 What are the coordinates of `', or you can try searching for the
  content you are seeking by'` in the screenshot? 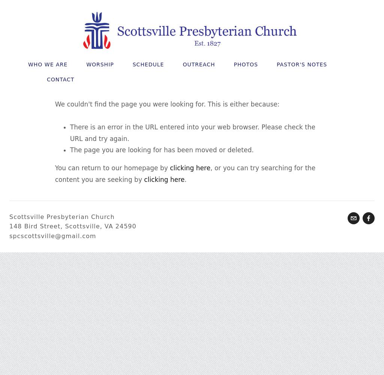 It's located at (54, 173).